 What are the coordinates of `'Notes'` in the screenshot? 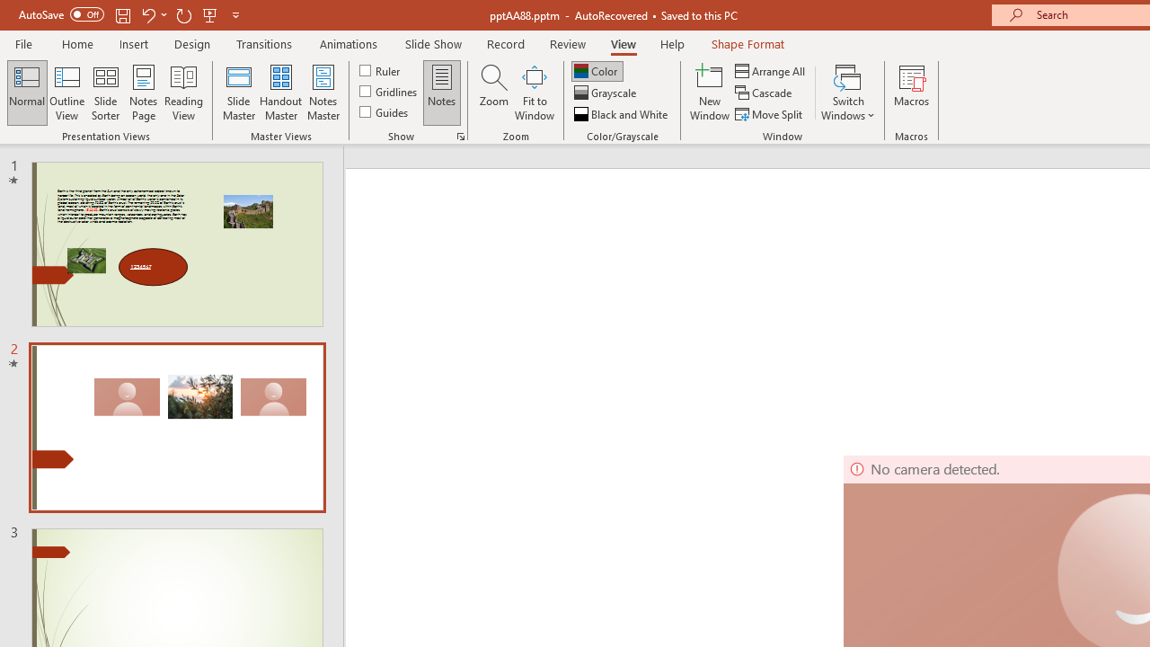 It's located at (442, 93).